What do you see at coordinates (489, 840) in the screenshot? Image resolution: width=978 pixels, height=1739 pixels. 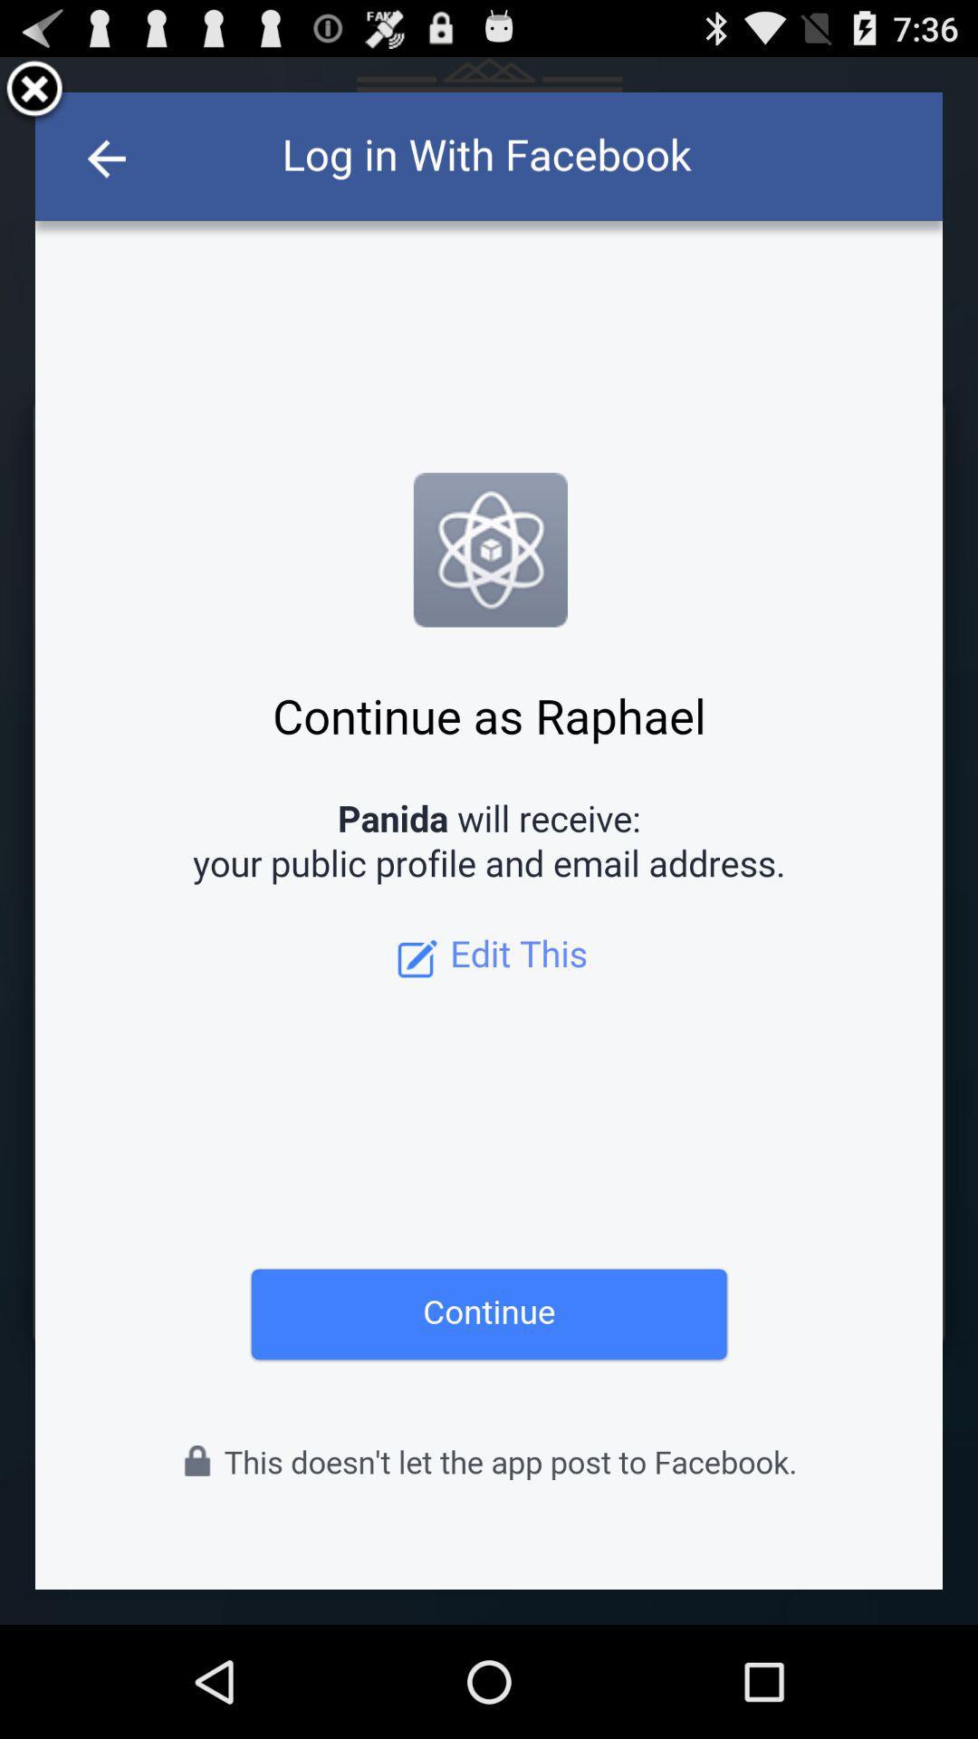 I see `continue page` at bounding box center [489, 840].